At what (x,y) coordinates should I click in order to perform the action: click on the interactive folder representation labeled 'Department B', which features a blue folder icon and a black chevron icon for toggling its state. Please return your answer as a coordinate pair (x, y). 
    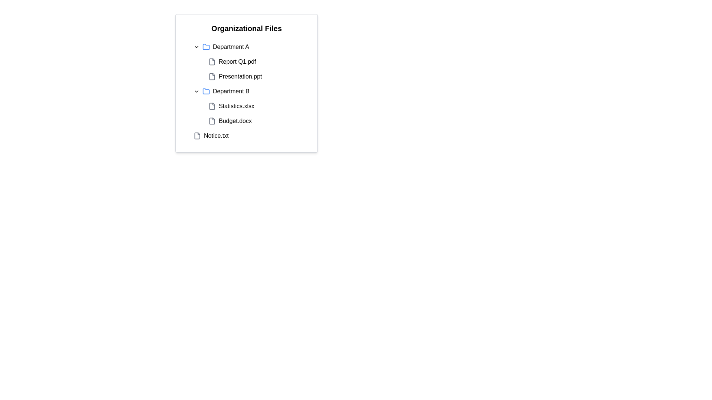
    Looking at the image, I should click on (221, 91).